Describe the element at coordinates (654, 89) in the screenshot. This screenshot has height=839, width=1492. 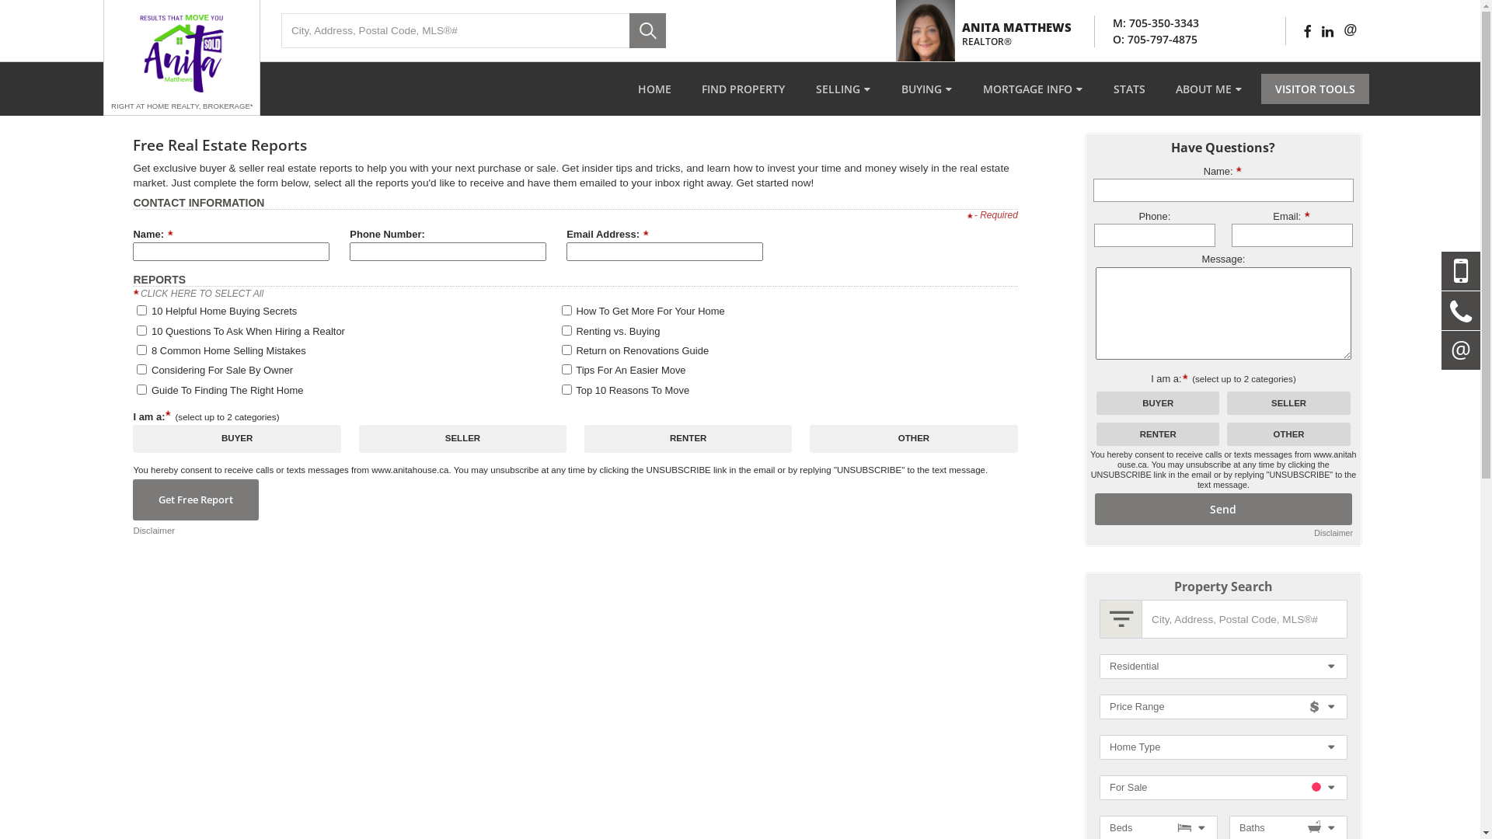
I see `'HOME'` at that location.